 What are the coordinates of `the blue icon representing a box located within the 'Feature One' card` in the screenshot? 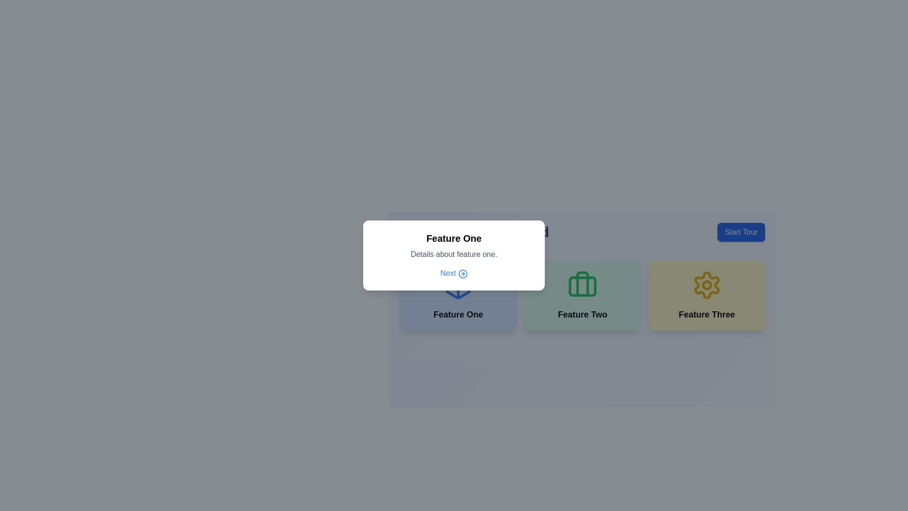 It's located at (458, 284).